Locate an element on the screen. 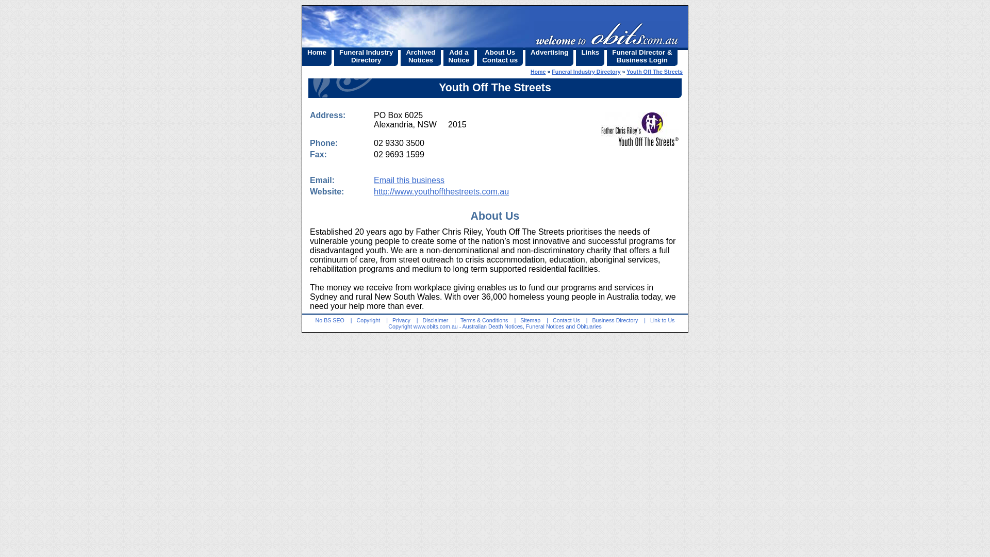 The image size is (990, 557). 'Link to Us' is located at coordinates (662, 320).